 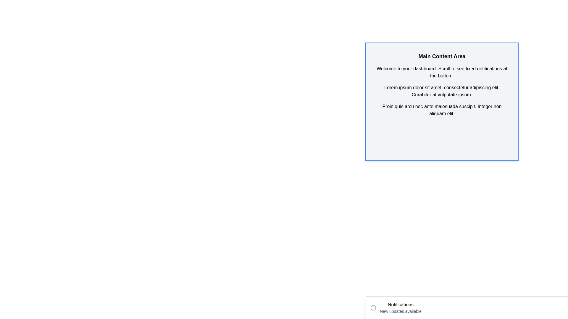 What do you see at coordinates (401, 305) in the screenshot?
I see `the header text static element located in the lower-right corner of the page, which provides context for the section` at bounding box center [401, 305].